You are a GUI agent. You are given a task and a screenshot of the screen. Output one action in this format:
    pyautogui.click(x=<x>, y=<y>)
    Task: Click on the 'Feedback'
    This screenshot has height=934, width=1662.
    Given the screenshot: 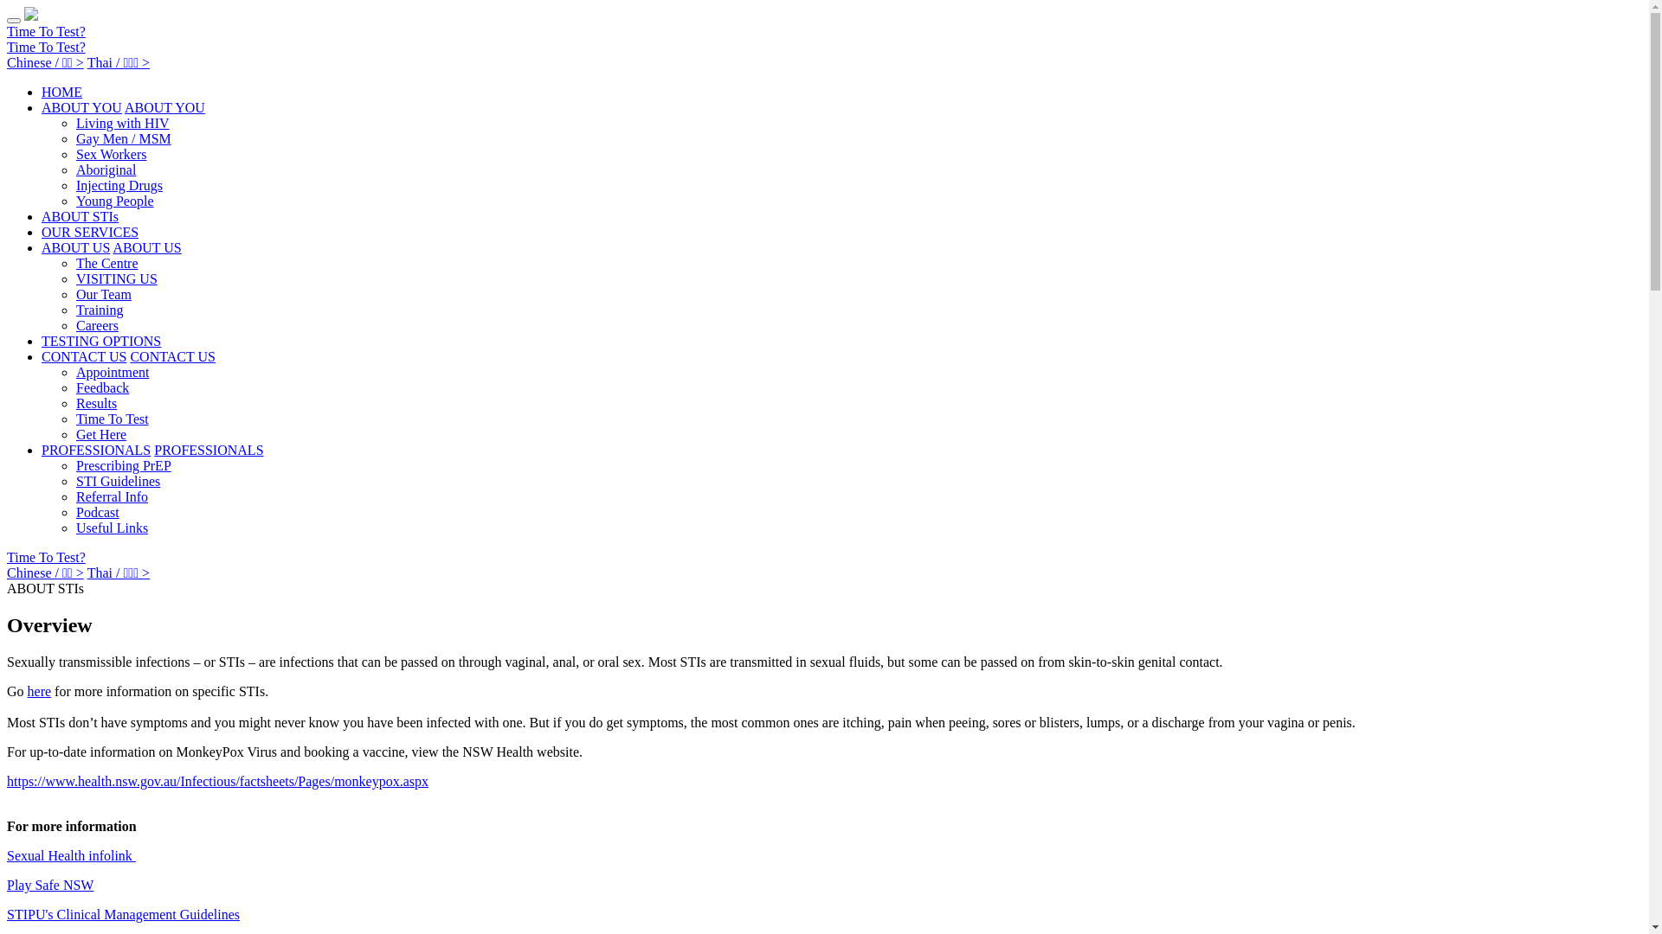 What is the action you would take?
    pyautogui.click(x=101, y=387)
    